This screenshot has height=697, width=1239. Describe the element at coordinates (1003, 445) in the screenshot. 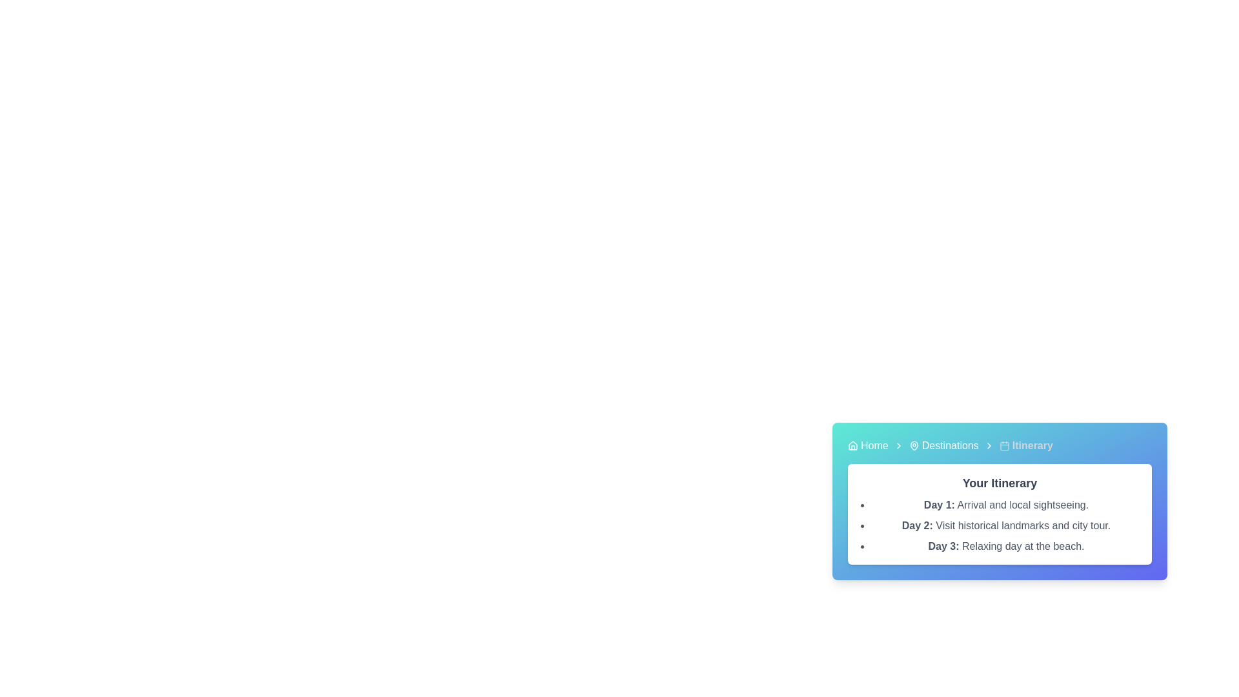

I see `the calendar icon located in the breadcrumb navigation section to the left of 'Itinerary' in the top-right navigation bar` at that location.